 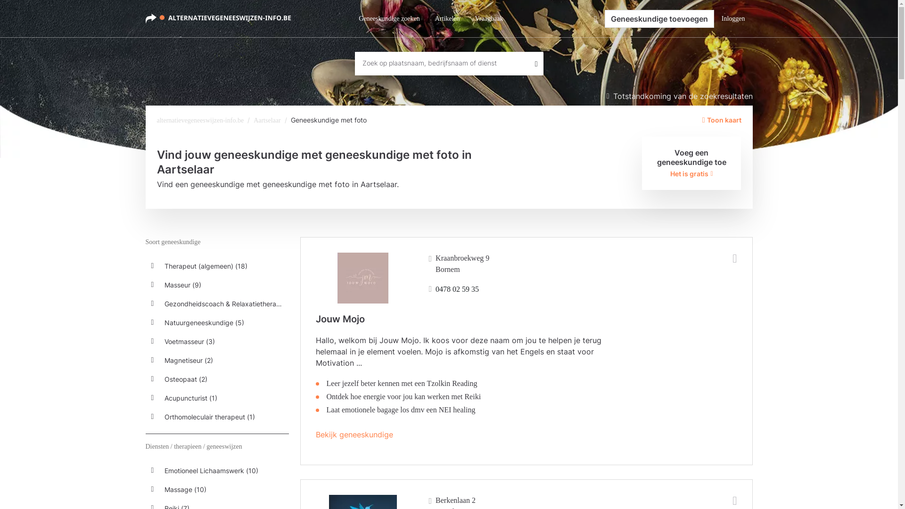 I want to click on 'Emotioneel Lichaamswerk (10)', so click(x=216, y=470).